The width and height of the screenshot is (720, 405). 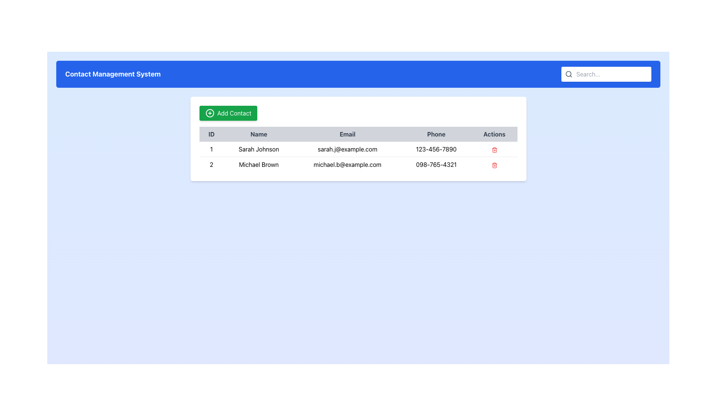 What do you see at coordinates (494, 150) in the screenshot?
I see `the red trash can icon button in the 'Actions' column of the table` at bounding box center [494, 150].